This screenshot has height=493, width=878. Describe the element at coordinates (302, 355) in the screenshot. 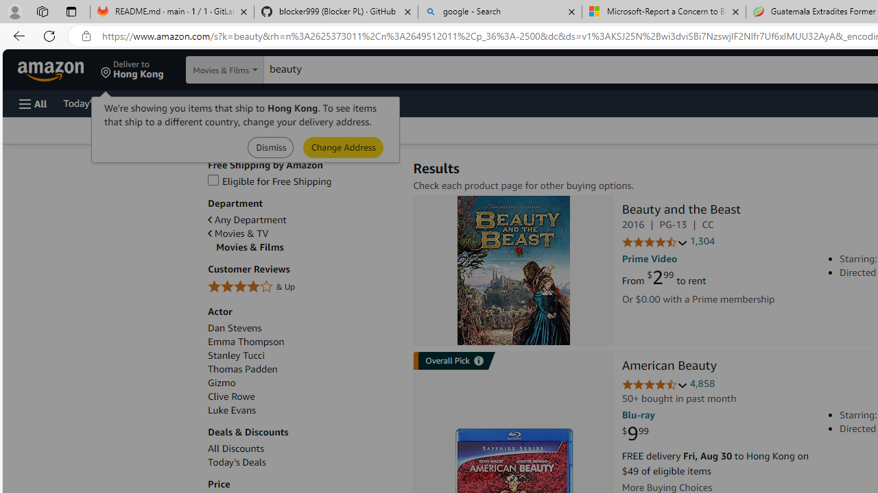

I see `'Stanley Tucci'` at that location.